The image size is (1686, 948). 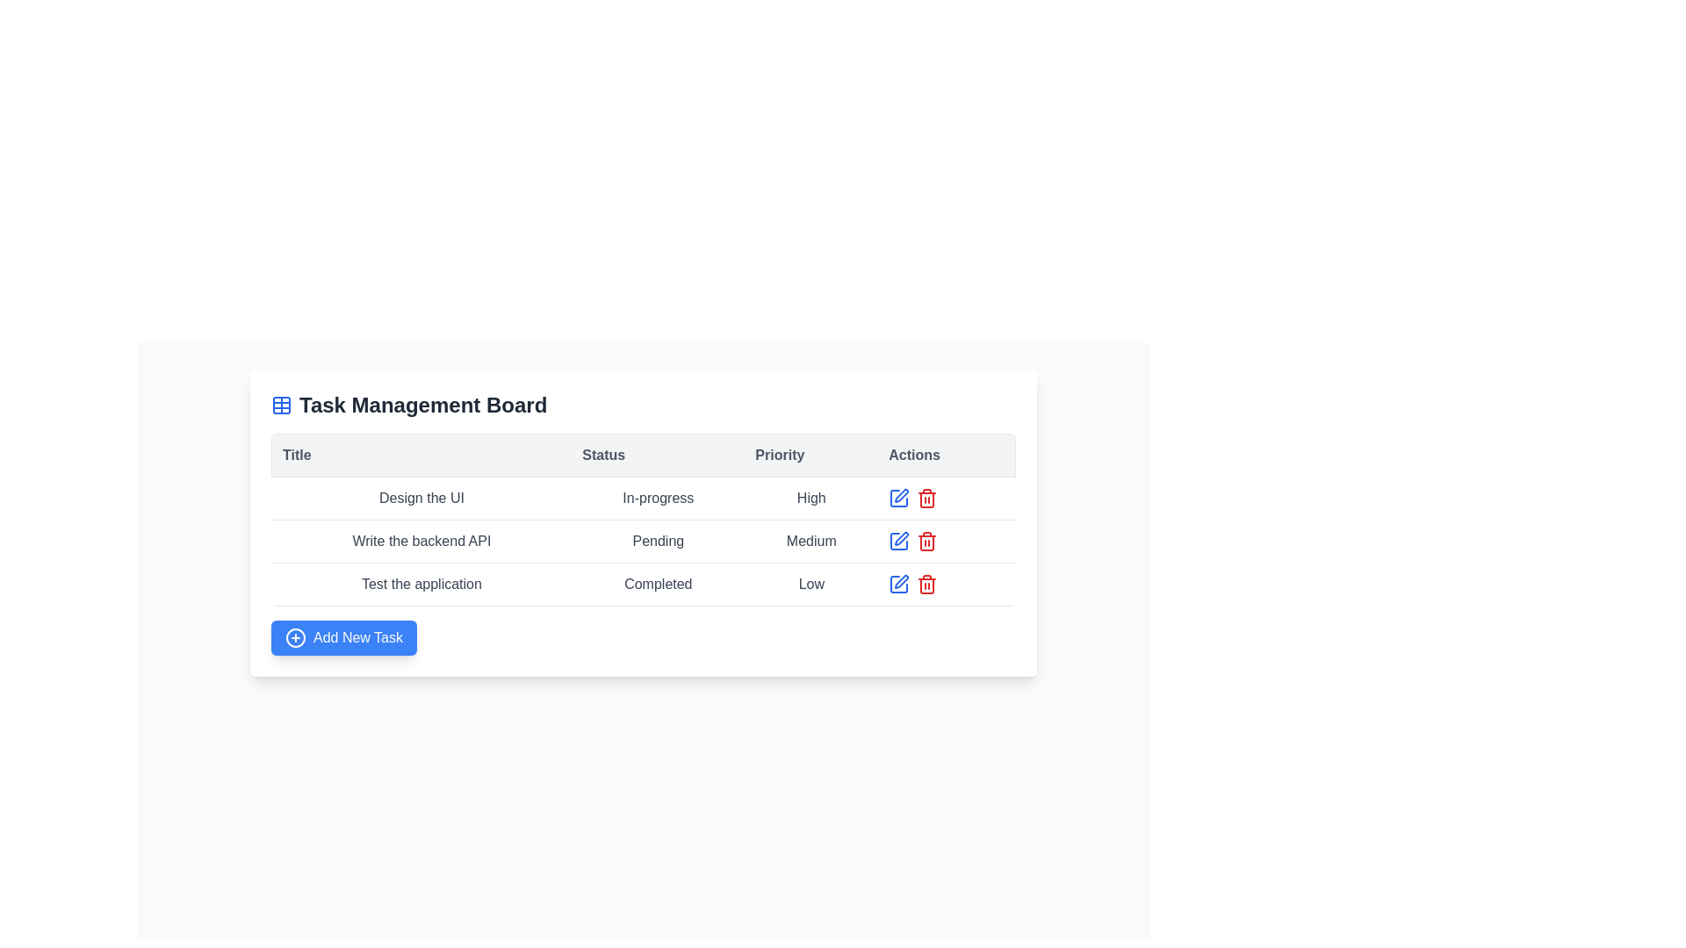 What do you see at coordinates (898, 498) in the screenshot?
I see `the blue pen icon in the 'Actions' column of the second row` at bounding box center [898, 498].